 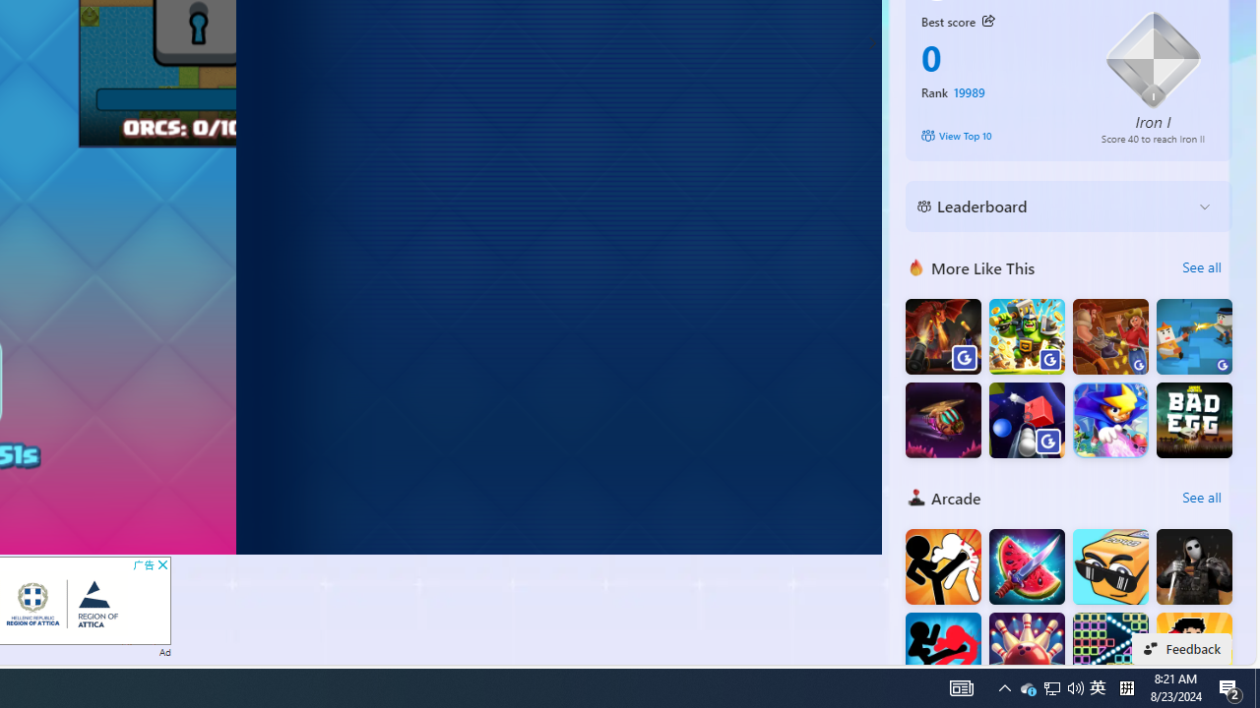 What do you see at coordinates (1110, 566) in the screenshot?
I see `'Cubes2048'` at bounding box center [1110, 566].